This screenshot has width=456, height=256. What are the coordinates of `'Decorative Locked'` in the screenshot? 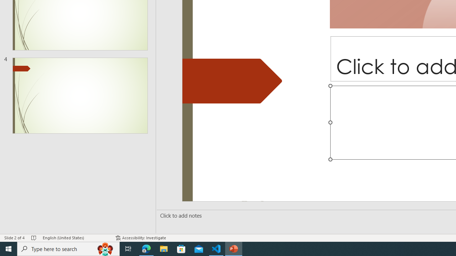 It's located at (232, 80).